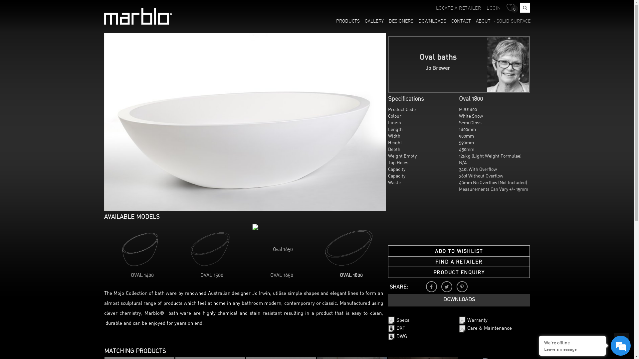 This screenshot has height=359, width=639. Describe the element at coordinates (621, 341) in the screenshot. I see `'Scroll to Top'` at that location.